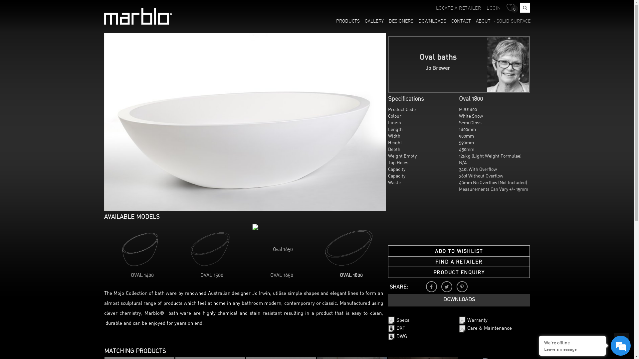 This screenshot has height=359, width=639. Describe the element at coordinates (621, 341) in the screenshot. I see `'Scroll to Top'` at that location.